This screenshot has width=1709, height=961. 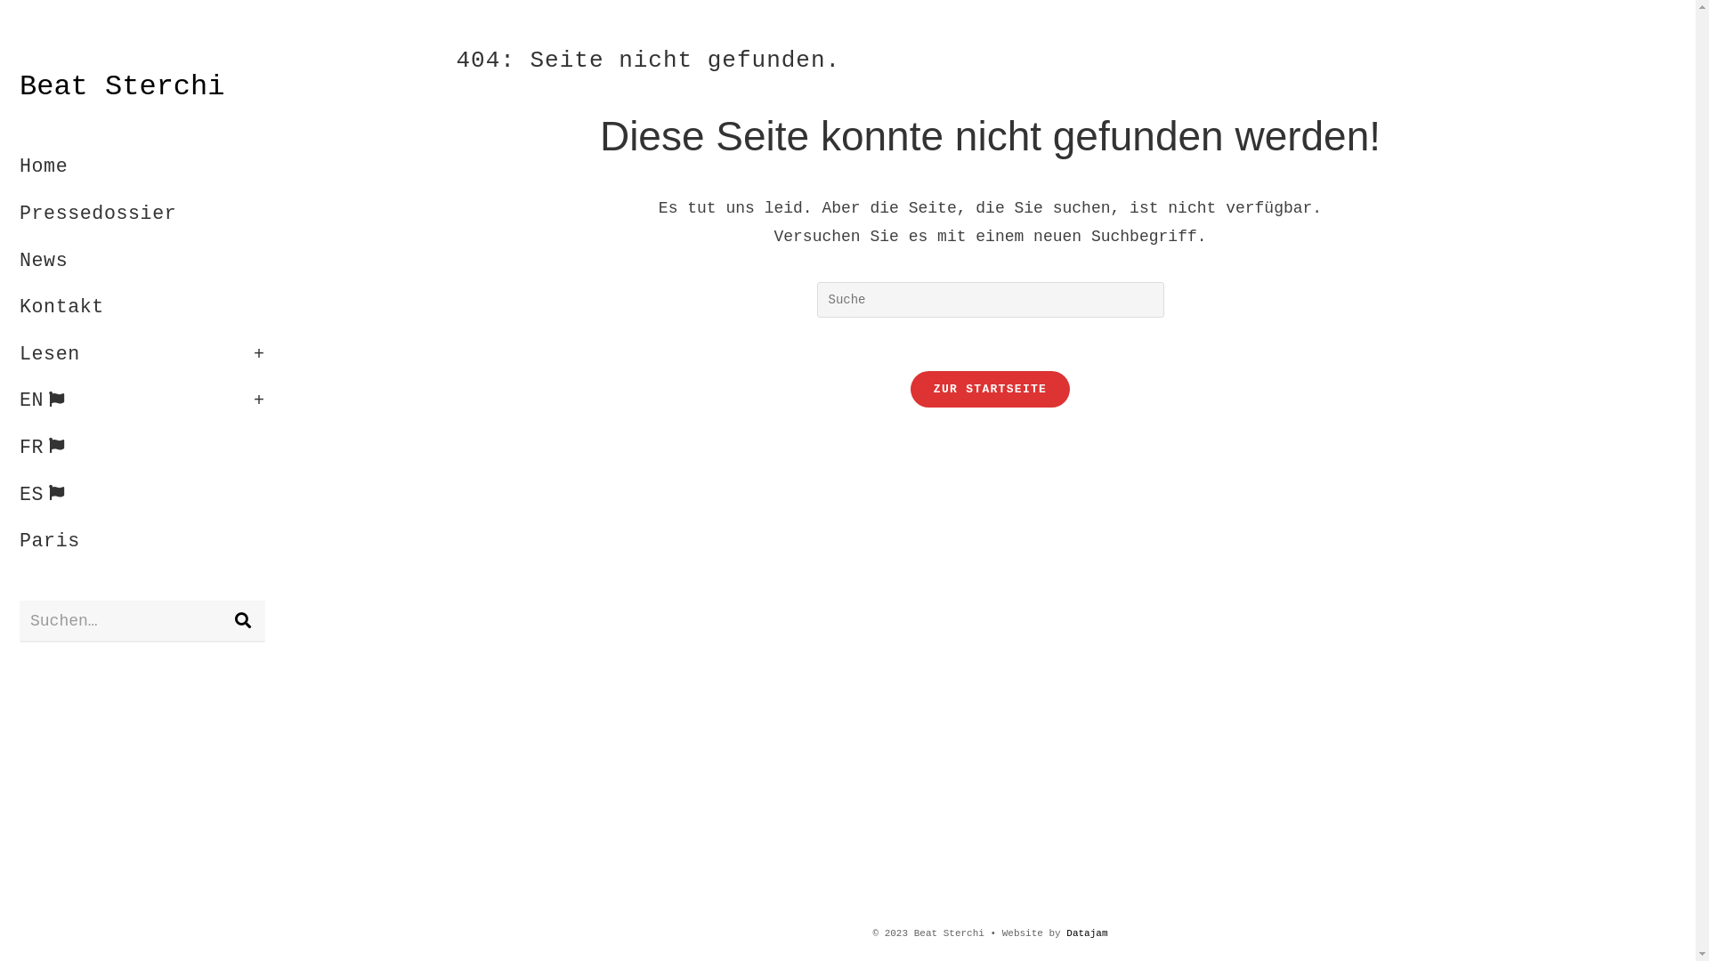 I want to click on 'Datajam', so click(x=1085, y=933).